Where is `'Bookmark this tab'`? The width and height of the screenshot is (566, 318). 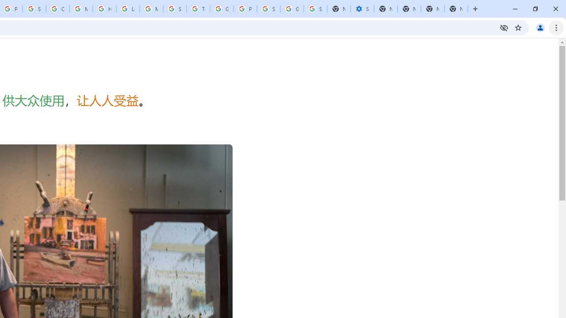 'Bookmark this tab' is located at coordinates (518, 27).